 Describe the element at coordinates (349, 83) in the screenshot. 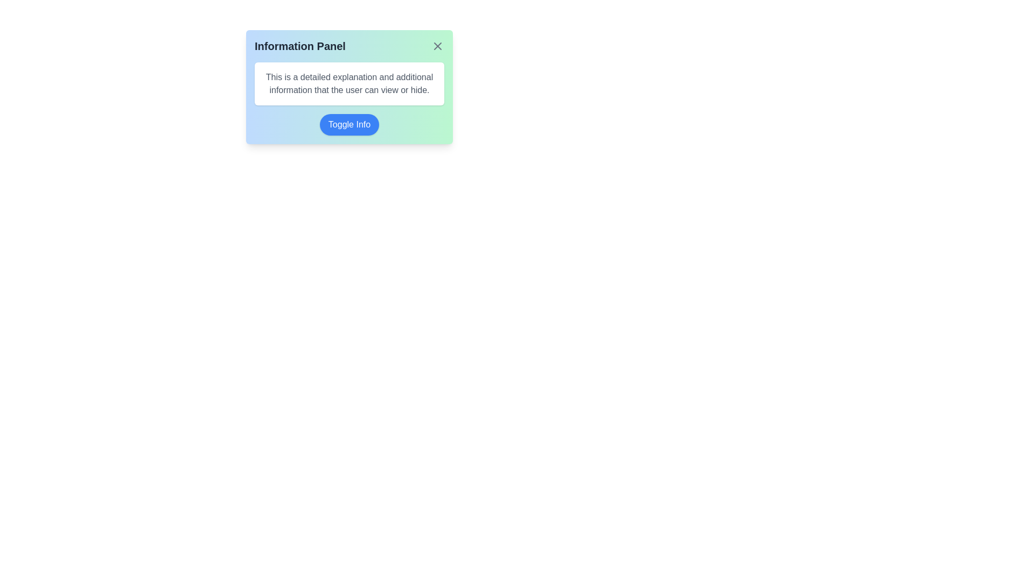

I see `the Text Label that contains the content: 'This is a detailed explanation and additional information that the user can view or hide.' It is positioned in the 'Information Panel' below the title and above the 'Toggle Info' button` at that location.